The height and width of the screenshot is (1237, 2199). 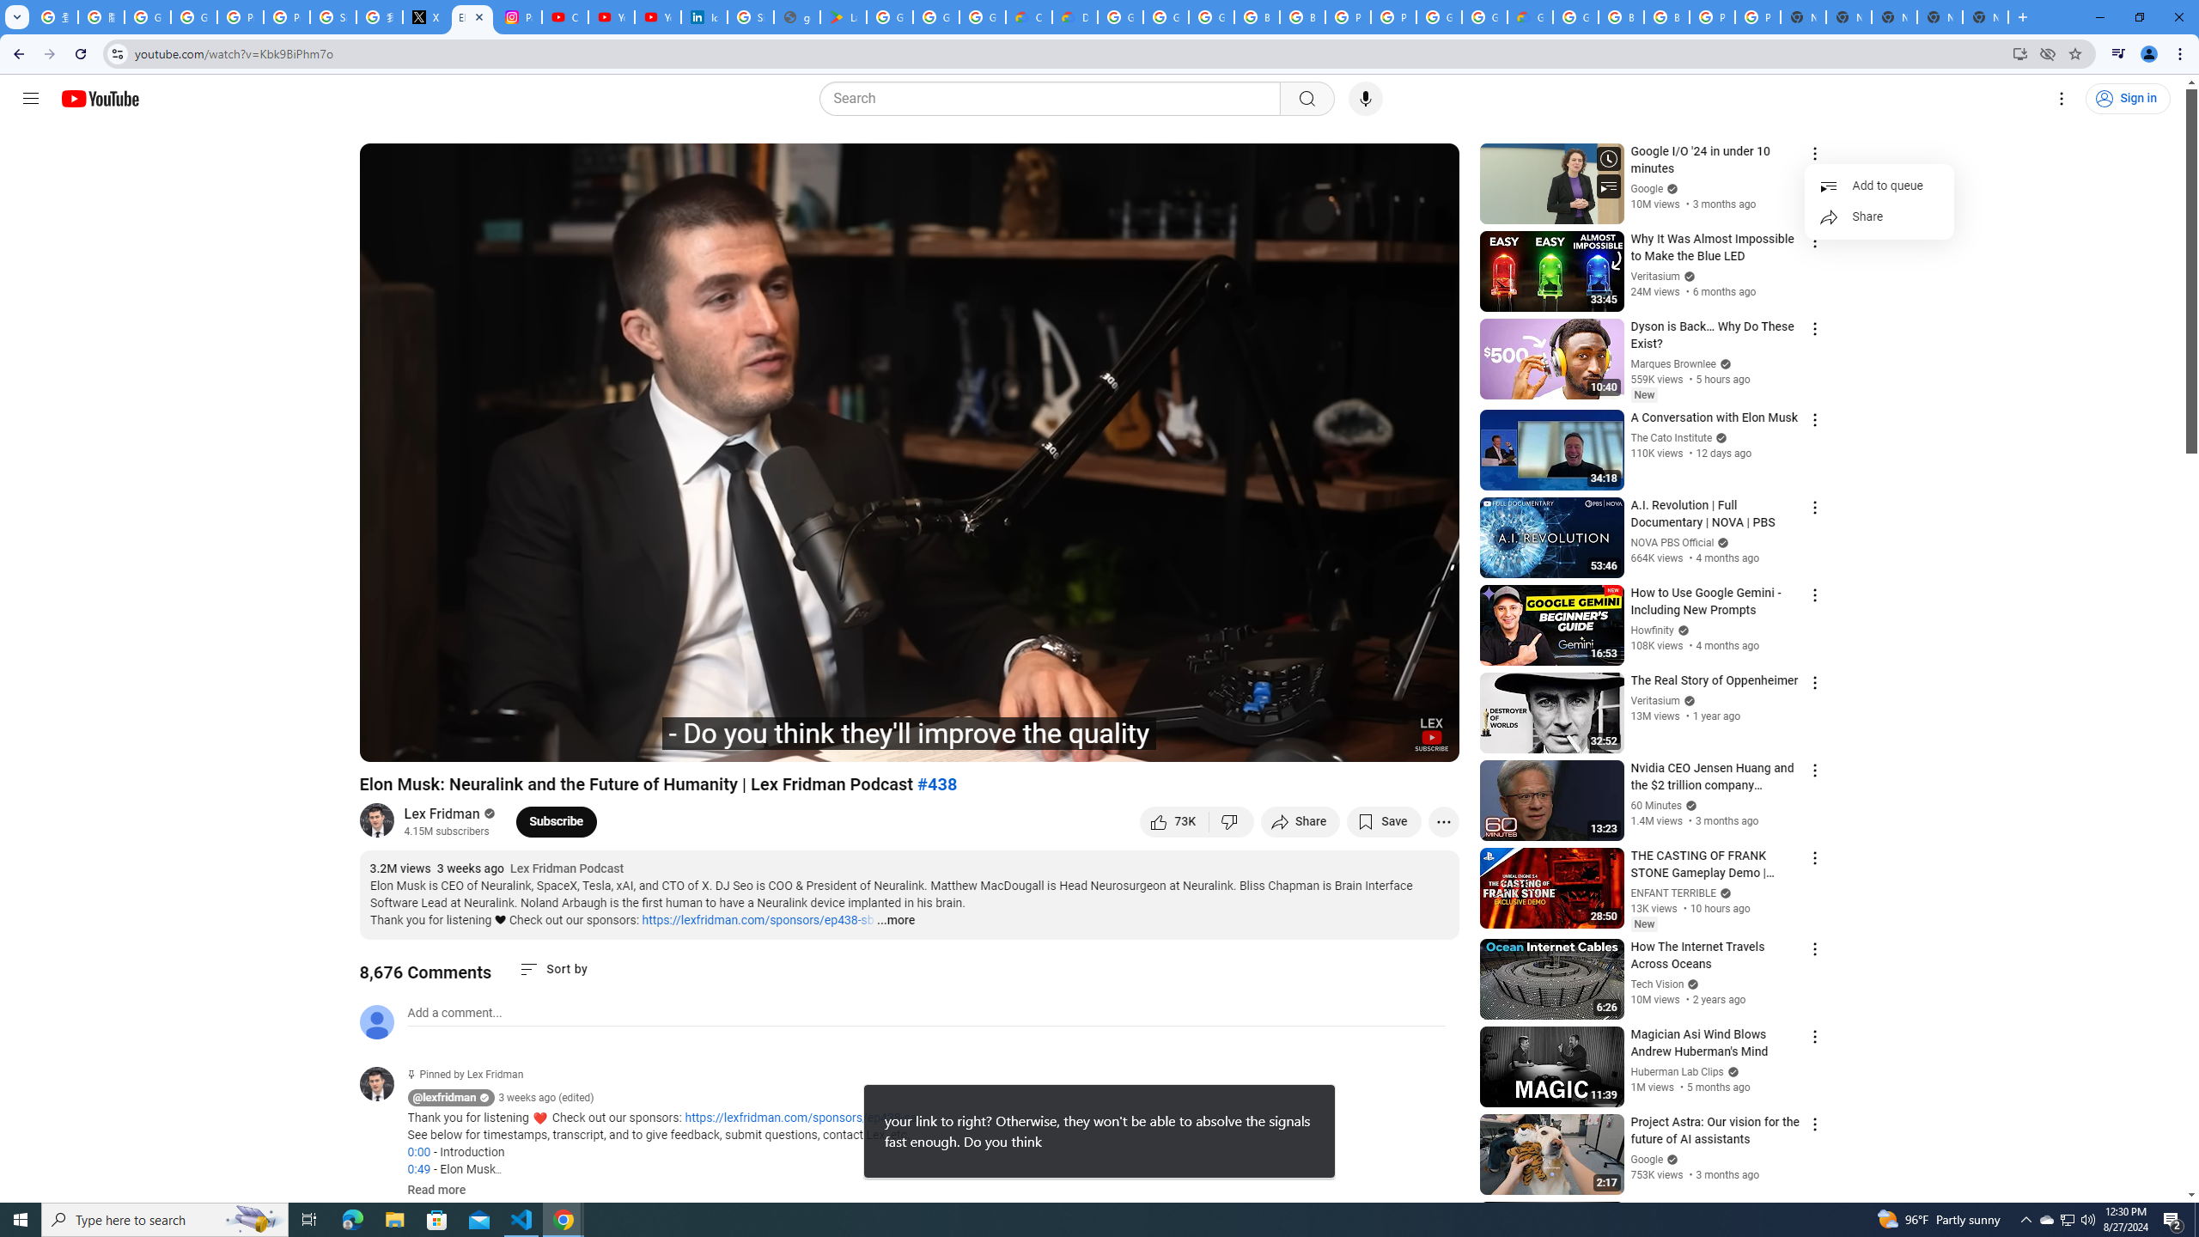 What do you see at coordinates (1442, 820) in the screenshot?
I see `'More actions'` at bounding box center [1442, 820].